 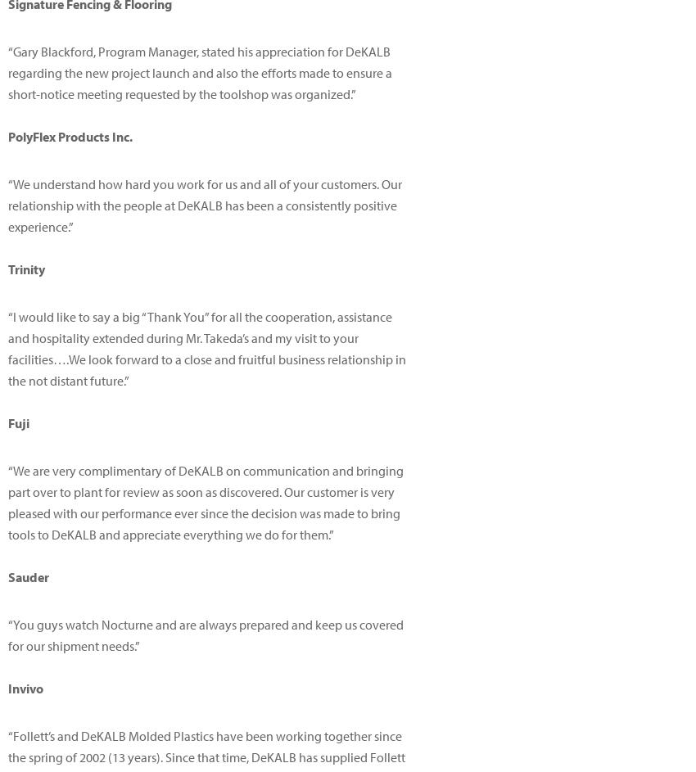 I want to click on 'Trinity', so click(x=7, y=269).